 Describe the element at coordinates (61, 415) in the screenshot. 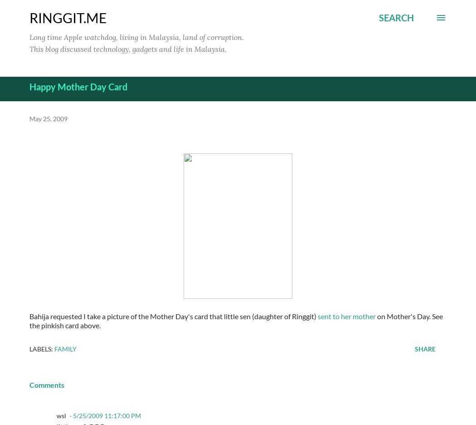

I see `'wsl'` at that location.